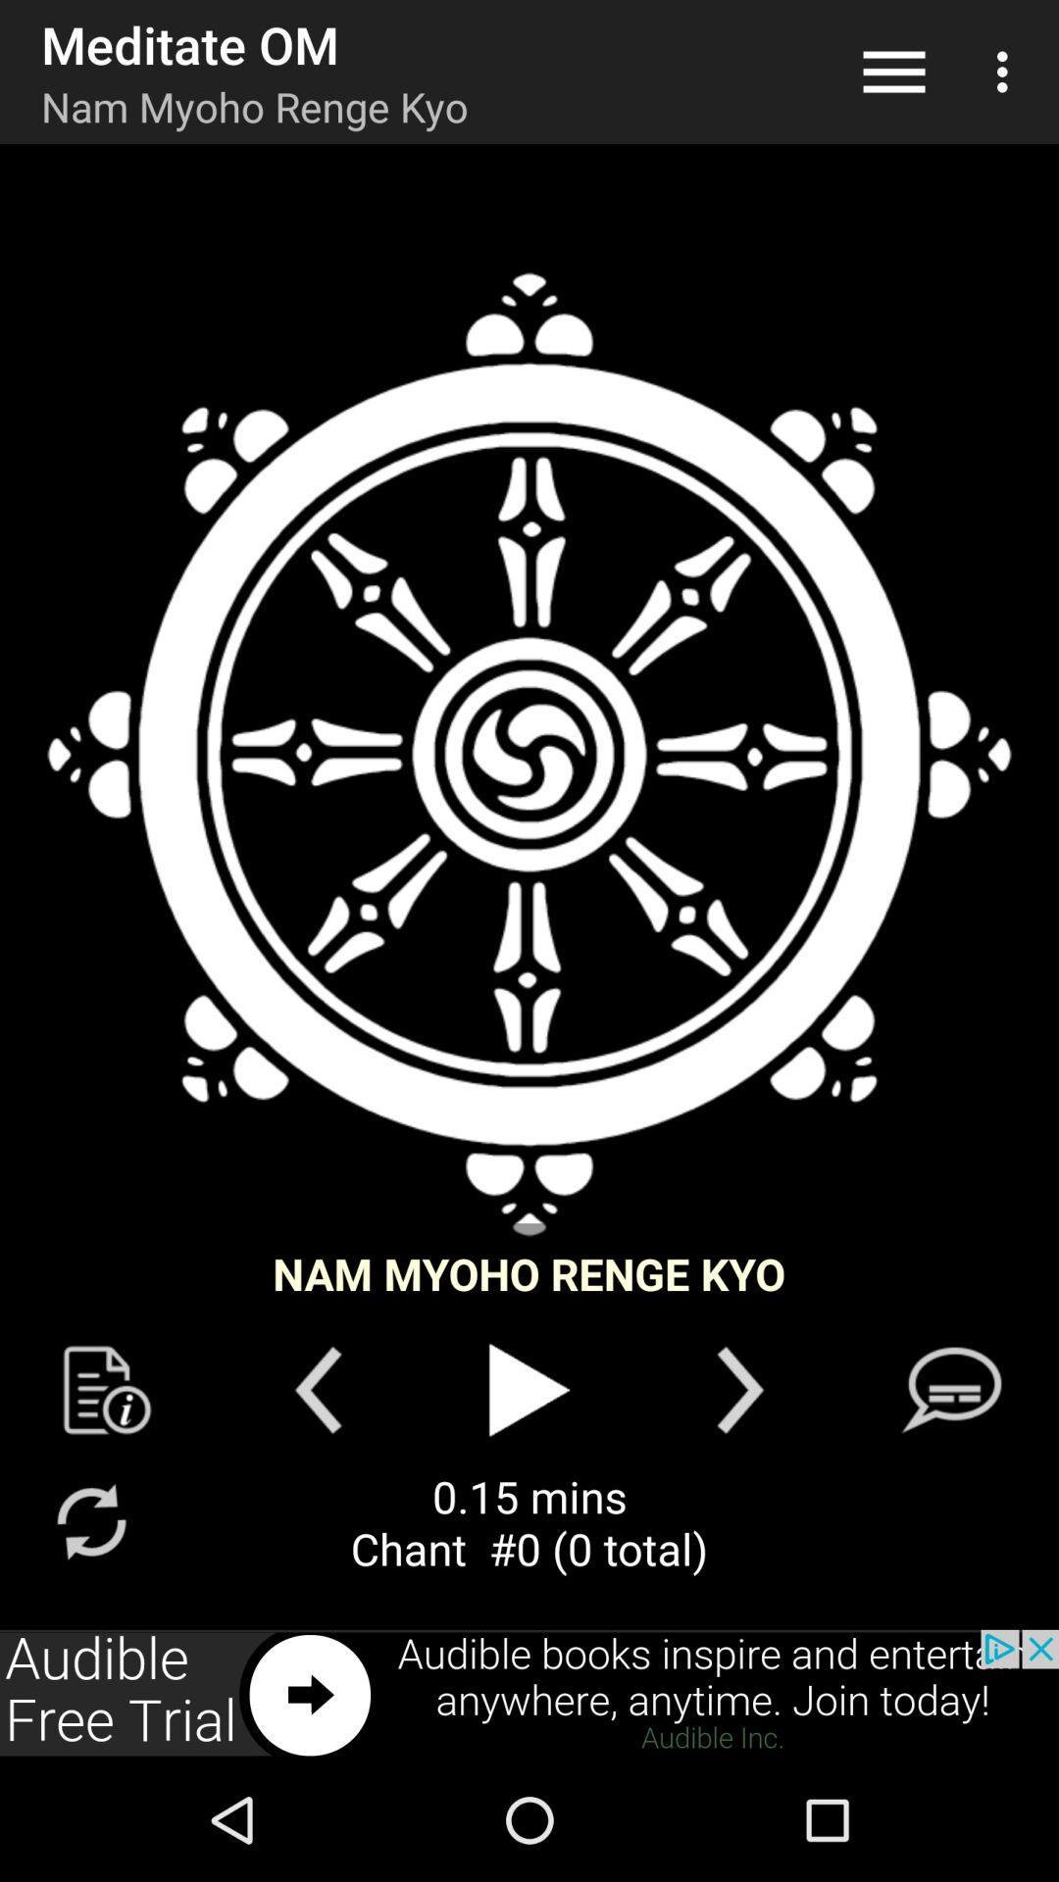 The width and height of the screenshot is (1059, 1882). I want to click on refresh button, so click(90, 1520).